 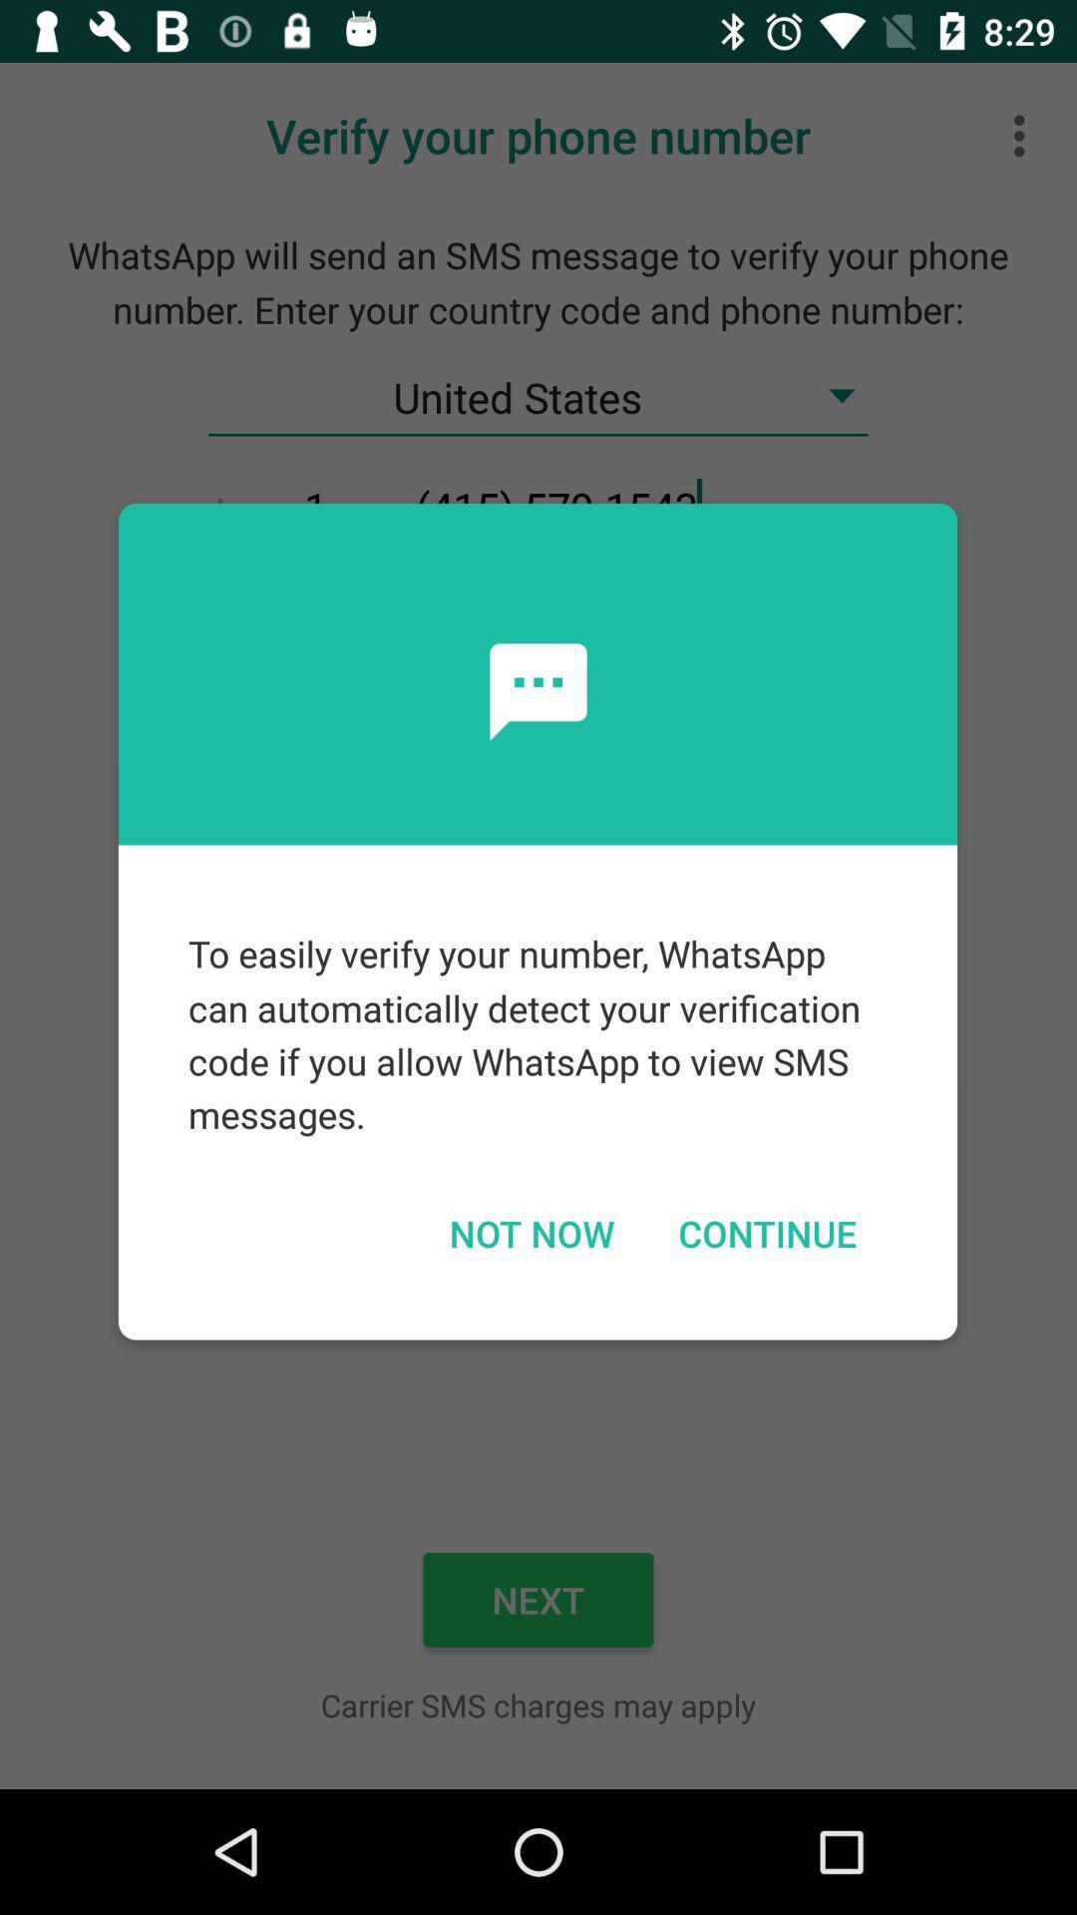 What do you see at coordinates (766, 1232) in the screenshot?
I see `the item next to not now item` at bounding box center [766, 1232].